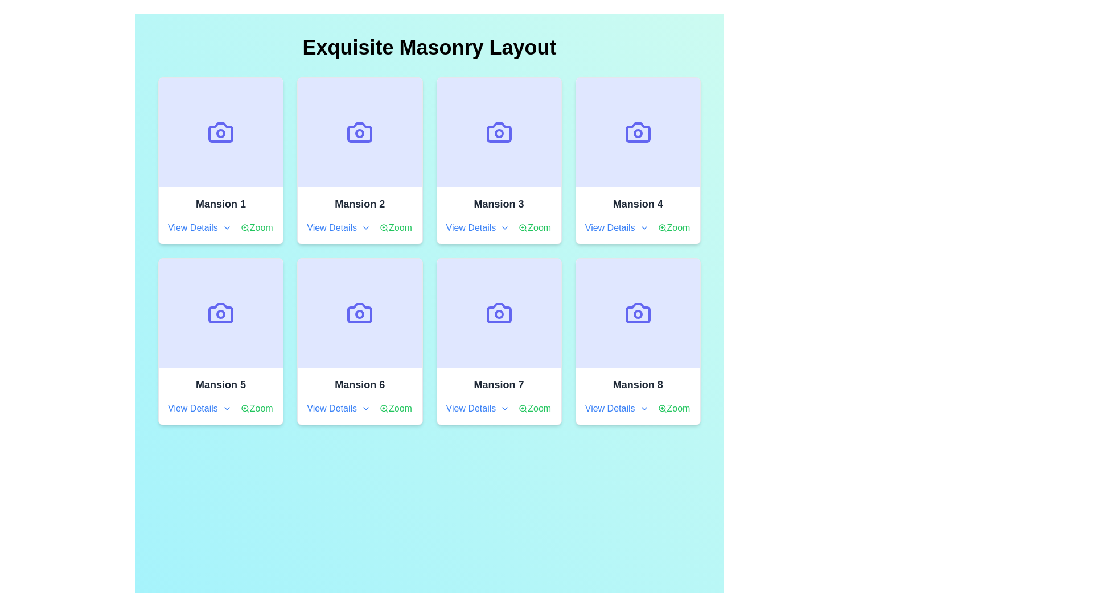  What do you see at coordinates (616, 228) in the screenshot?
I see `the 'View Details' hyperlink` at bounding box center [616, 228].